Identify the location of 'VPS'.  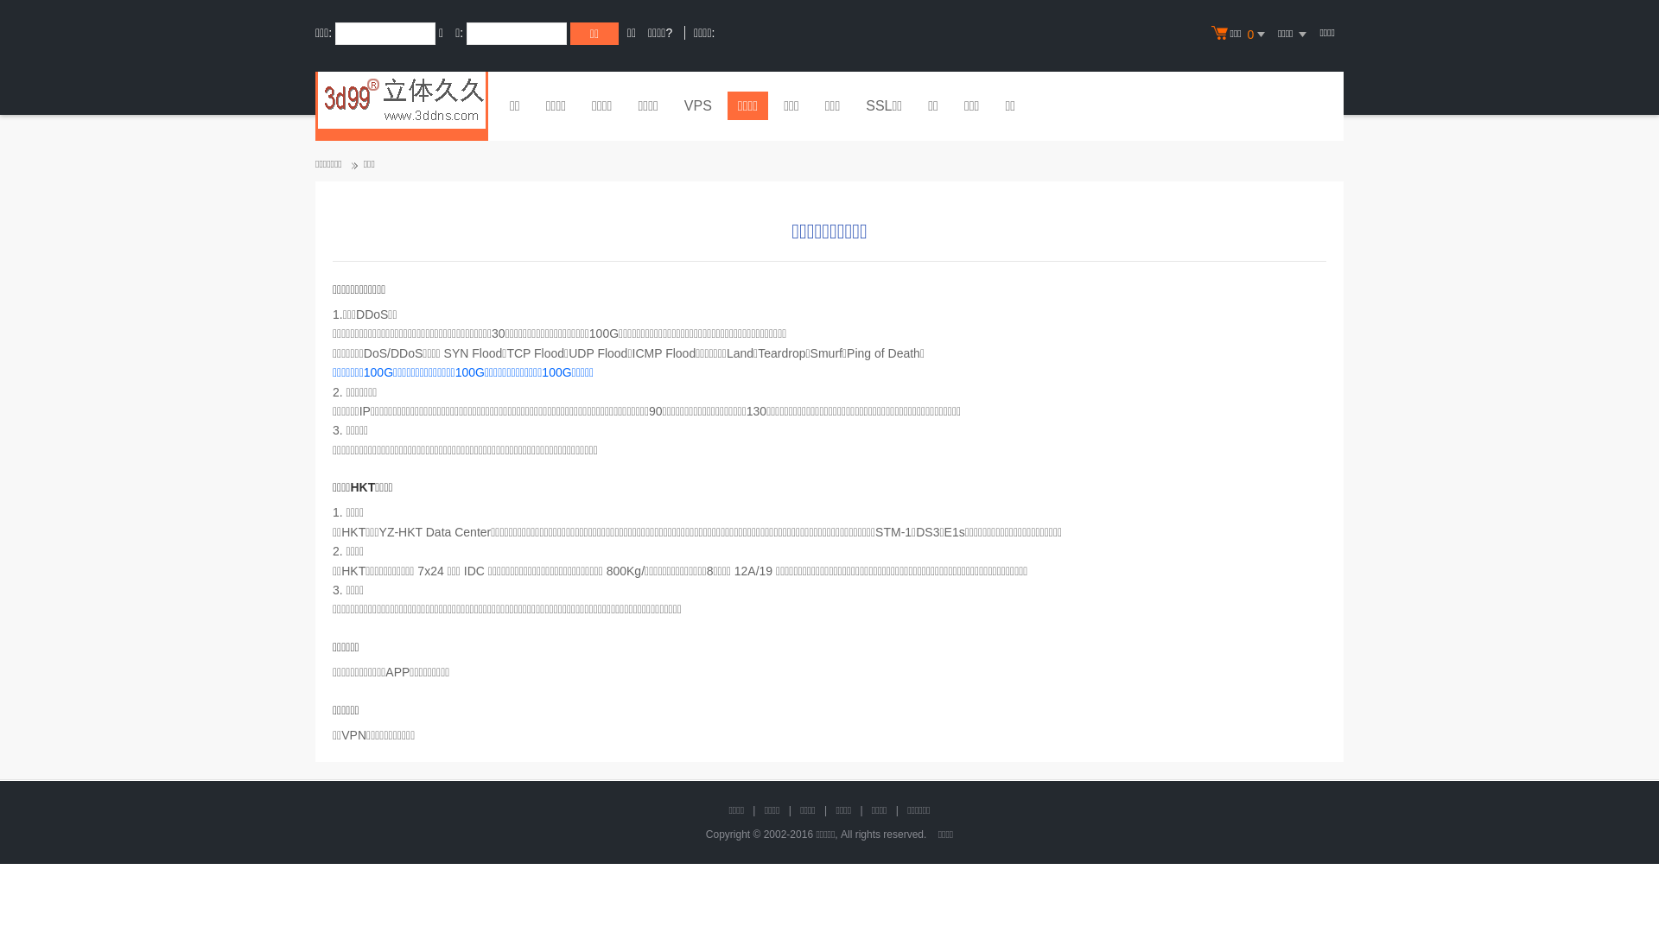
(672, 107).